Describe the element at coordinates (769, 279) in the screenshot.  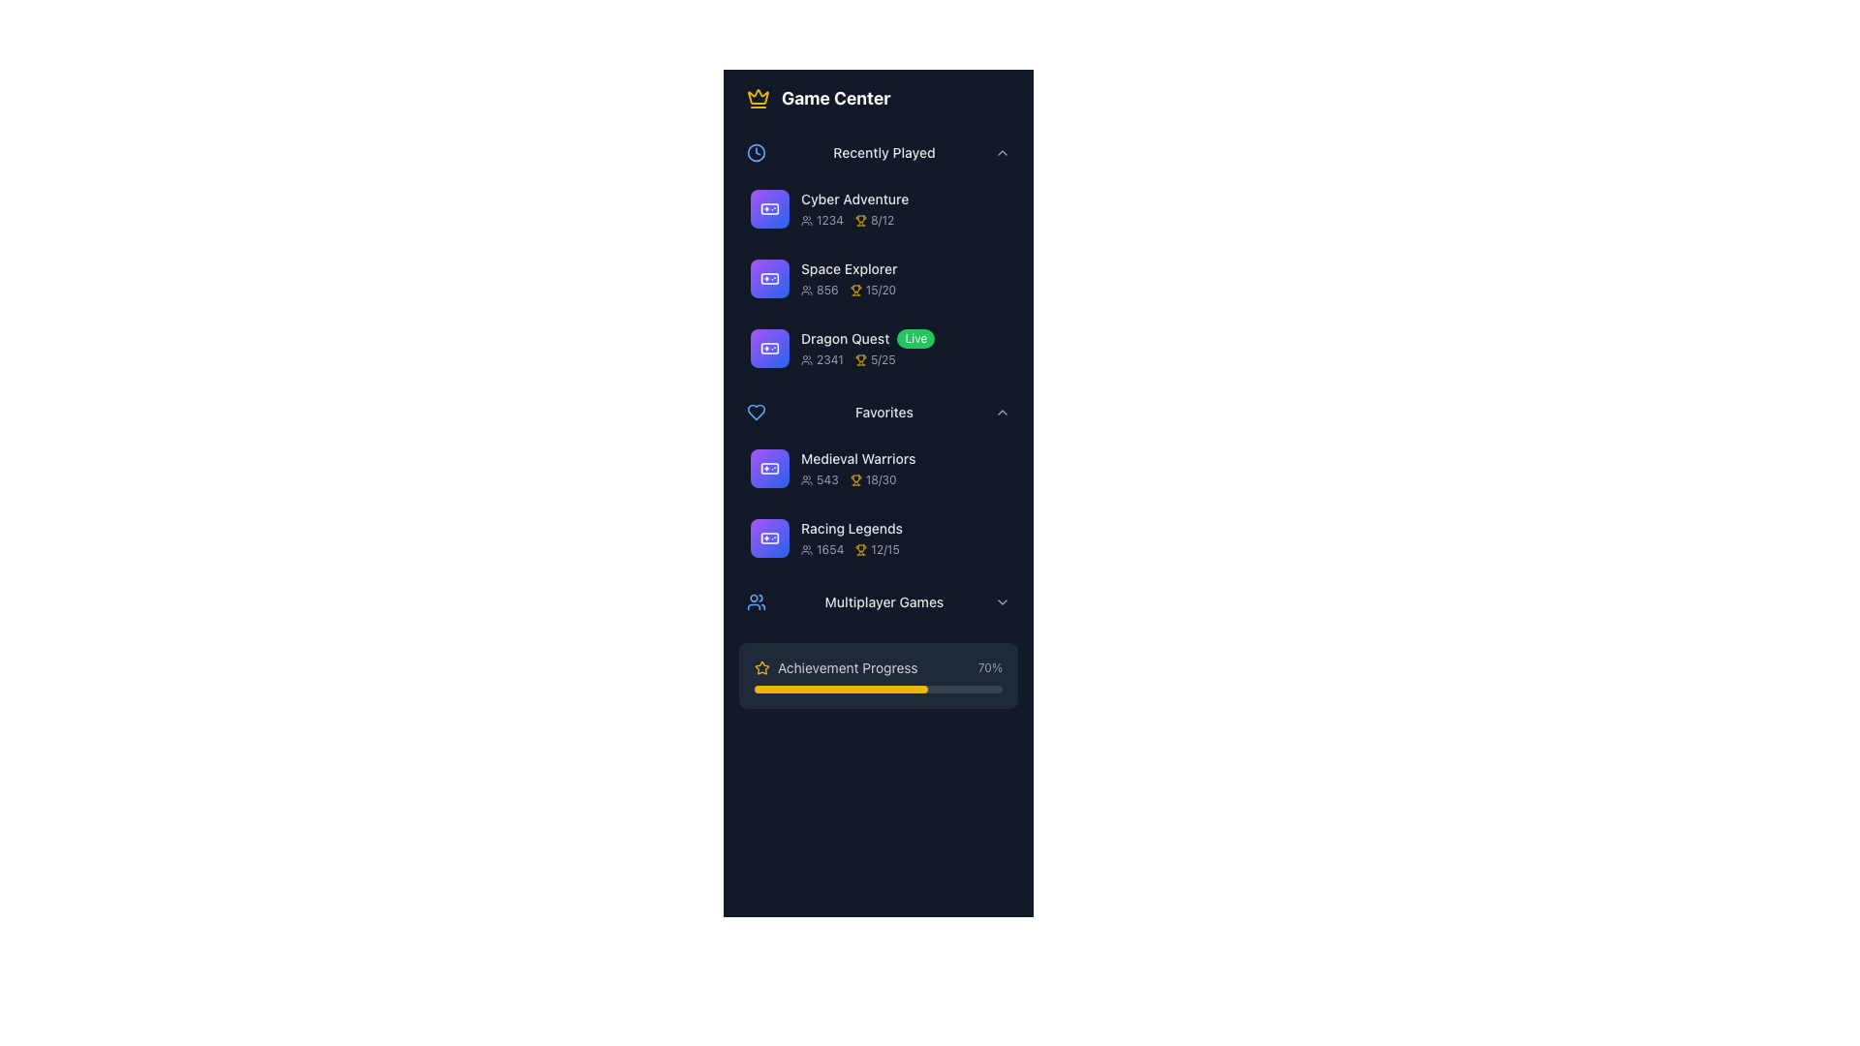
I see `the 'Space Explorer' game icon, which is the second item under 'Recently Played'` at that location.